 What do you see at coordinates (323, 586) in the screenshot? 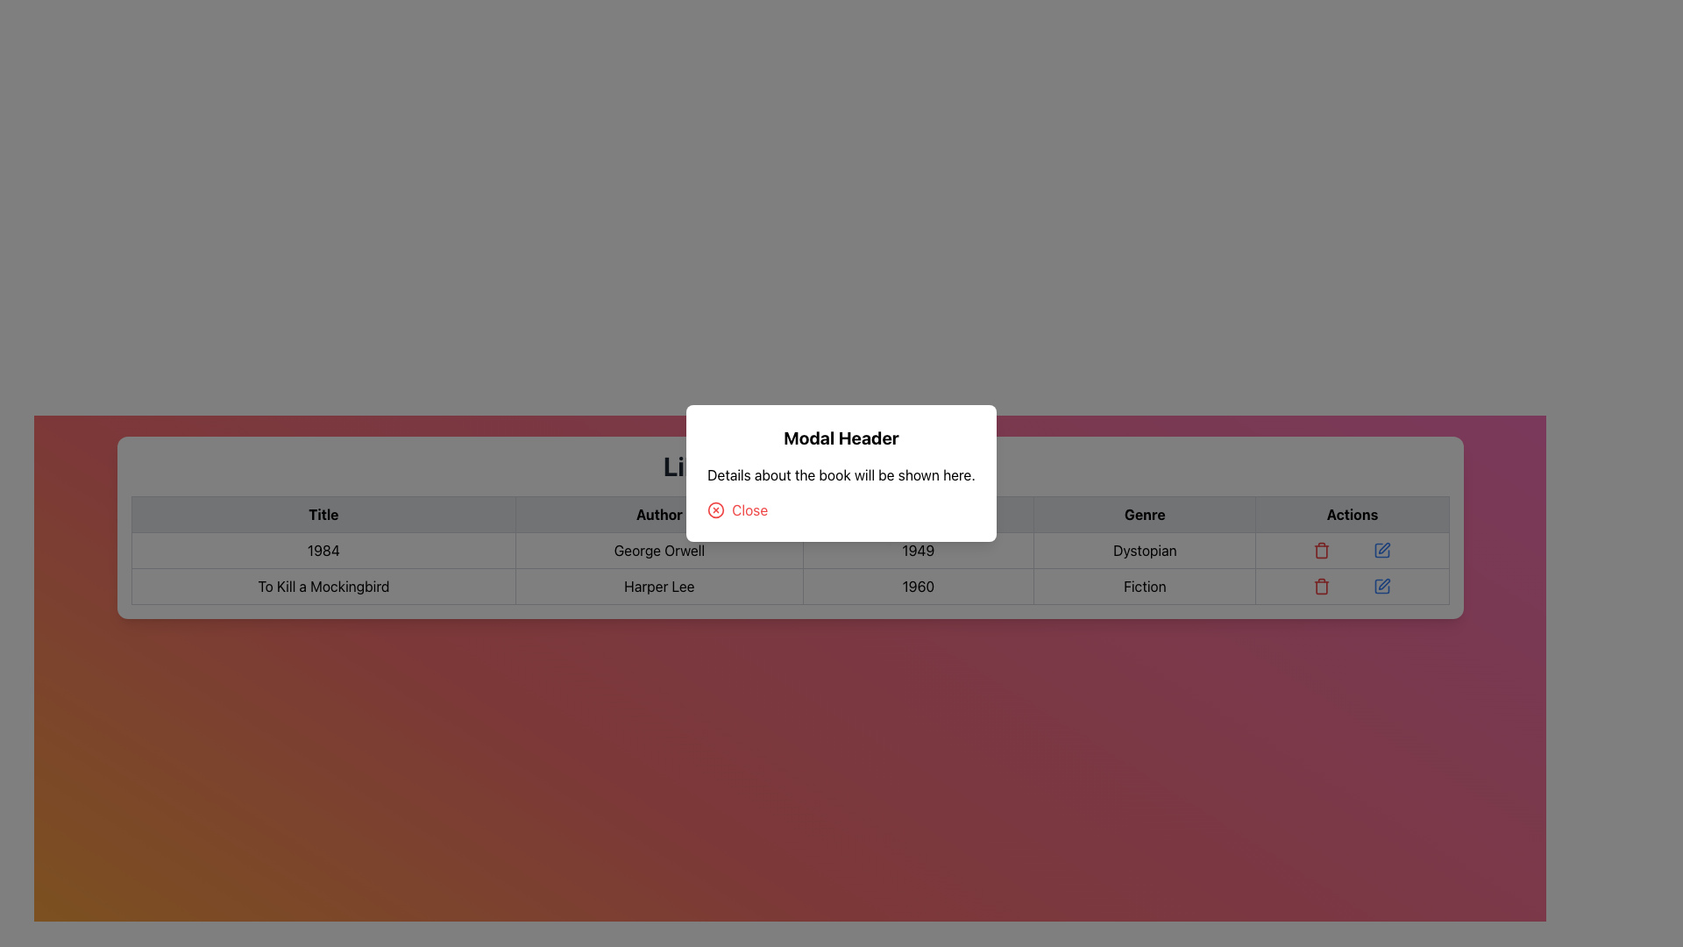
I see `the text block displaying the title 'To Kill a Mockingbird' in the first column of the second row of the table within the modal dialog` at bounding box center [323, 586].